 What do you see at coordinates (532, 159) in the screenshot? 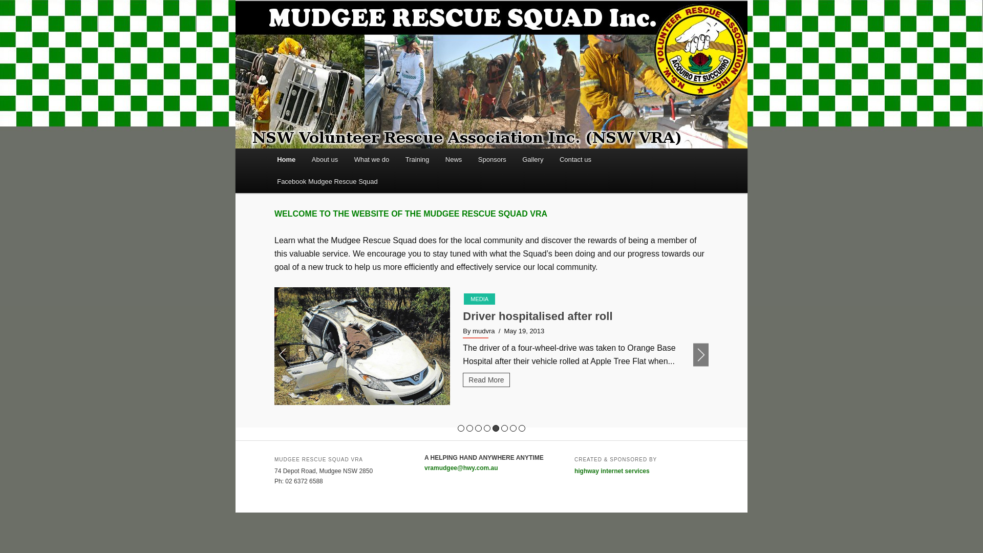
I see `'Gallery'` at bounding box center [532, 159].